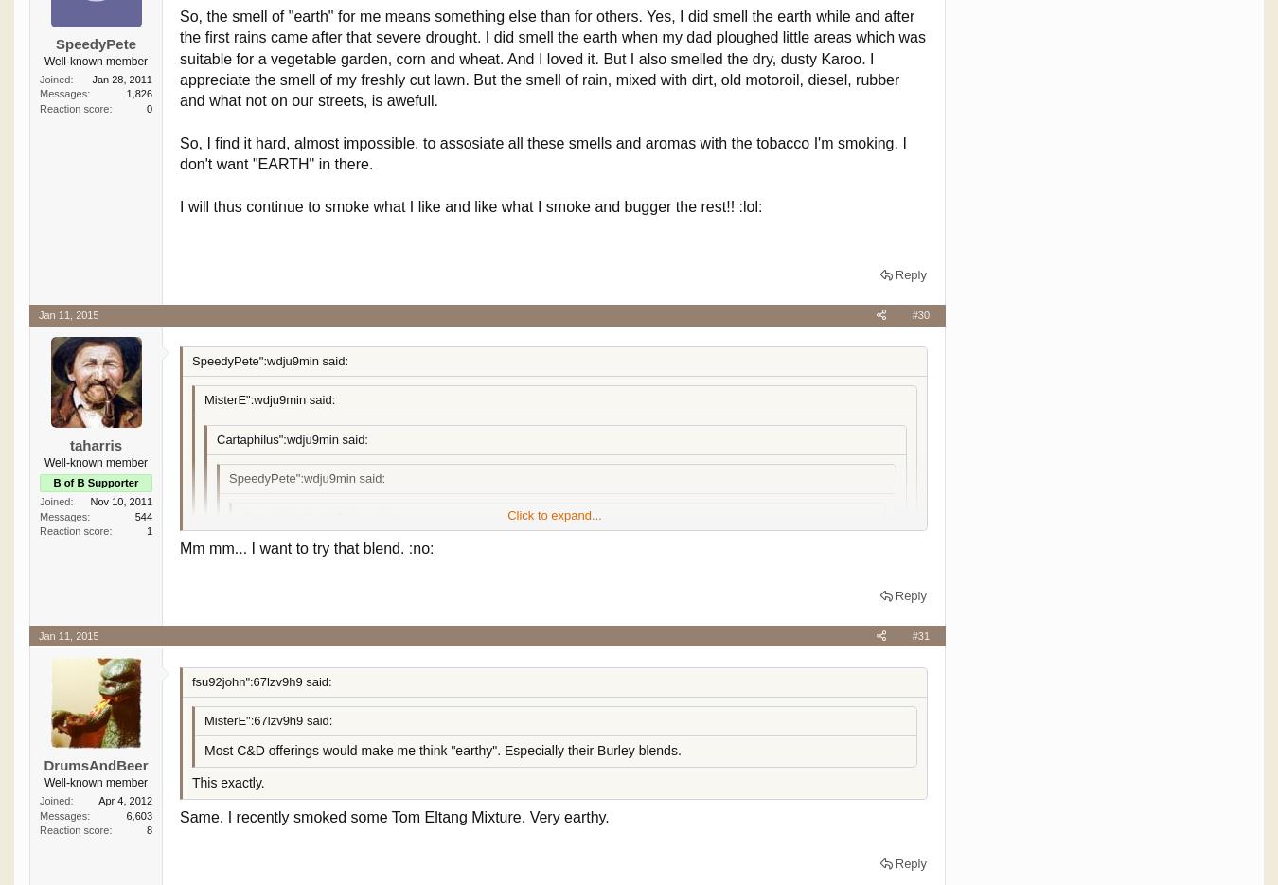  I want to click on '#30', so click(919, 314).